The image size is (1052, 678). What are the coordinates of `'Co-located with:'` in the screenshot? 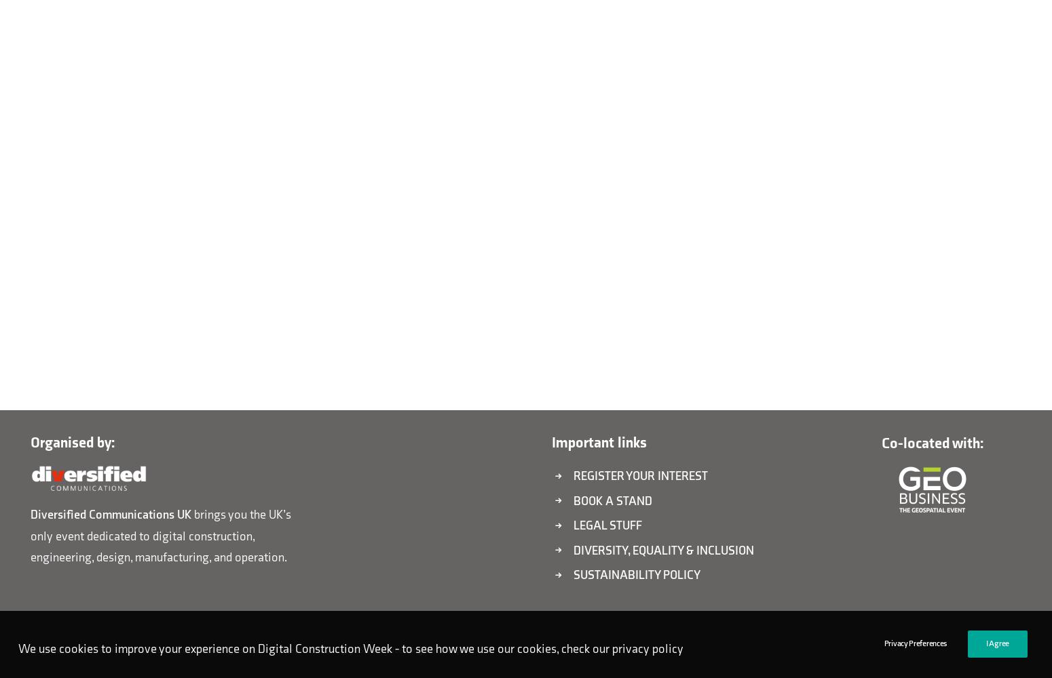 It's located at (931, 443).